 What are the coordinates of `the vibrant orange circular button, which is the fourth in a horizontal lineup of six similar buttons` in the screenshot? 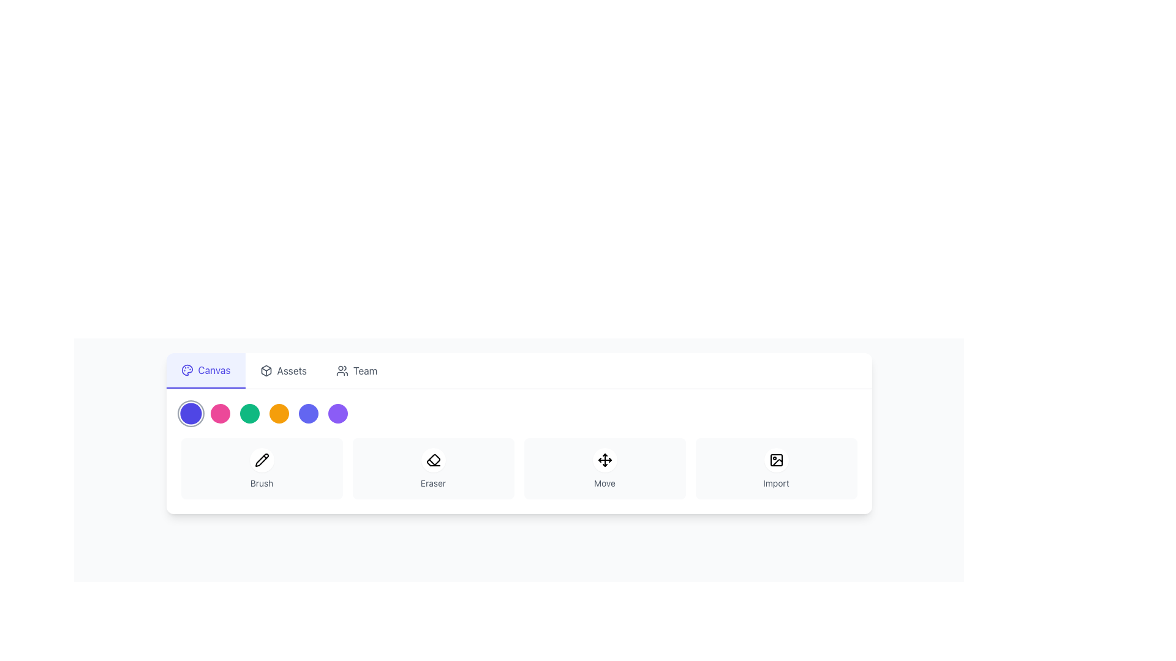 It's located at (278, 413).